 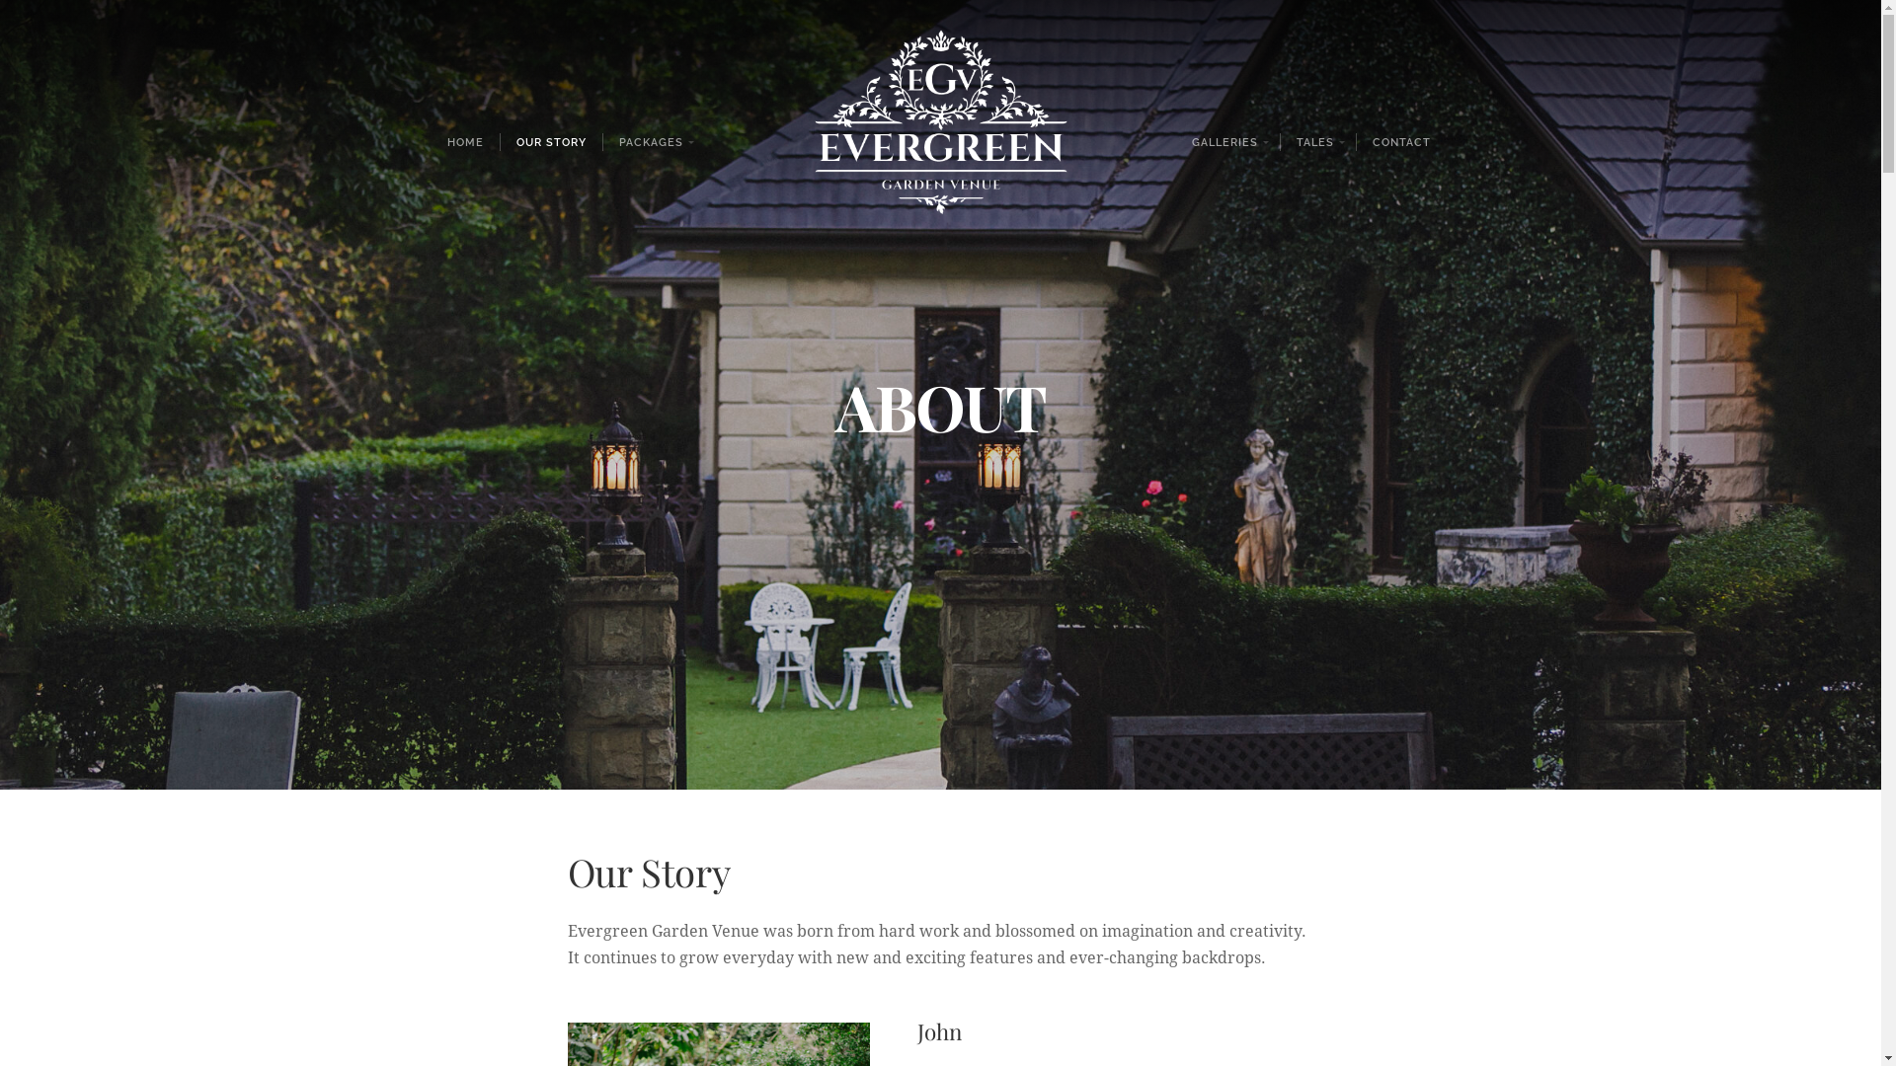 I want to click on 'GALLERIES', so click(x=1226, y=140).